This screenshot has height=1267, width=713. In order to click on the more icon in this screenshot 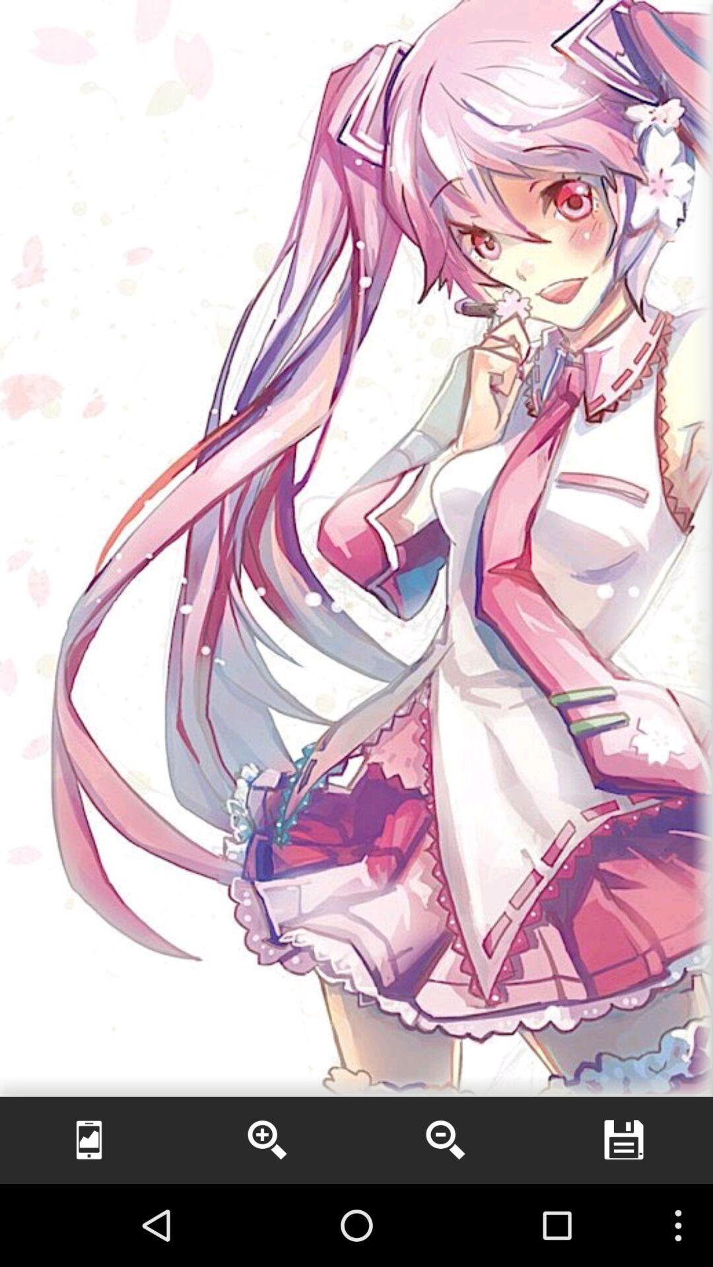, I will do `click(624, 1219)`.